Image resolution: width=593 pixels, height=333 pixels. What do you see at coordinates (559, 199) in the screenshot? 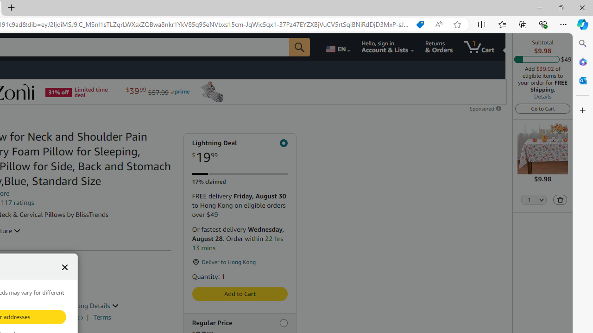
I see `'Delete'` at bounding box center [559, 199].